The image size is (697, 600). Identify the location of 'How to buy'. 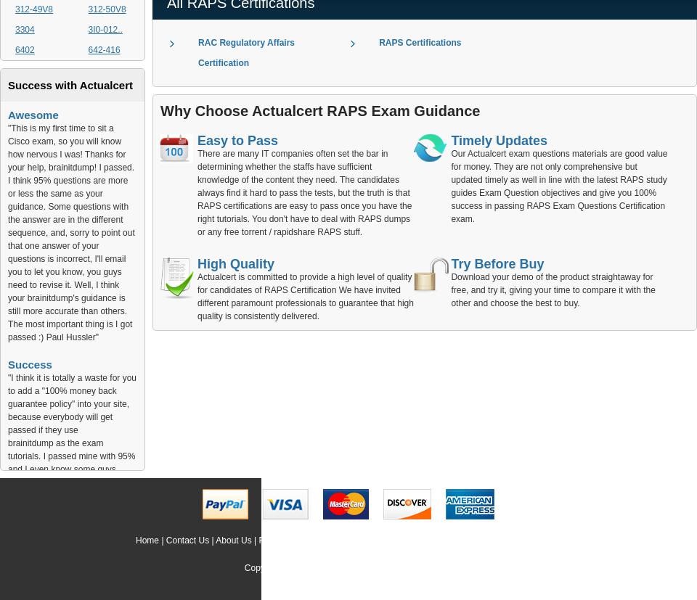
(537, 539).